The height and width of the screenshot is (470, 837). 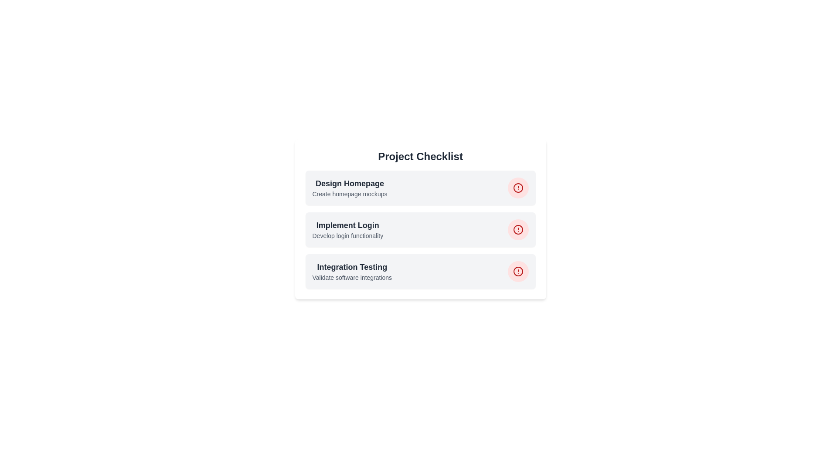 I want to click on descriptive Text label located immediately below the 'Design Homepage' heading in the project-related items list, so click(x=350, y=194).